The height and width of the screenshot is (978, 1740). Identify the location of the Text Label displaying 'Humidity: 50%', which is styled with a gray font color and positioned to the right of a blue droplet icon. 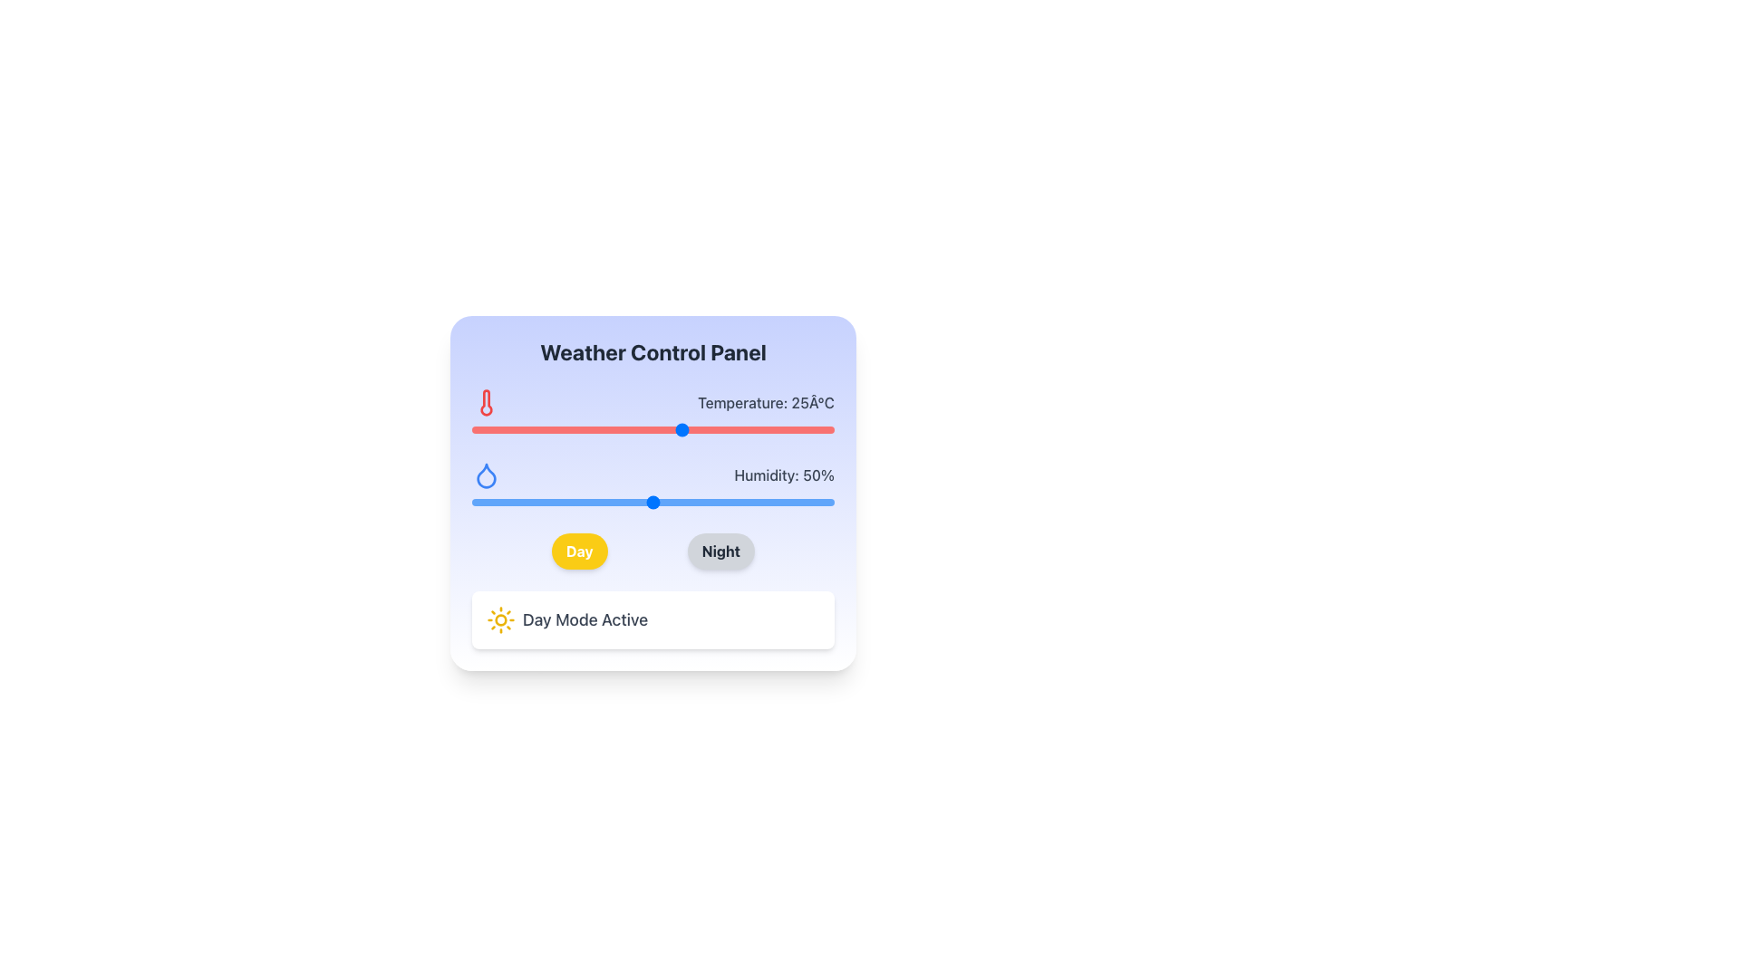
(784, 474).